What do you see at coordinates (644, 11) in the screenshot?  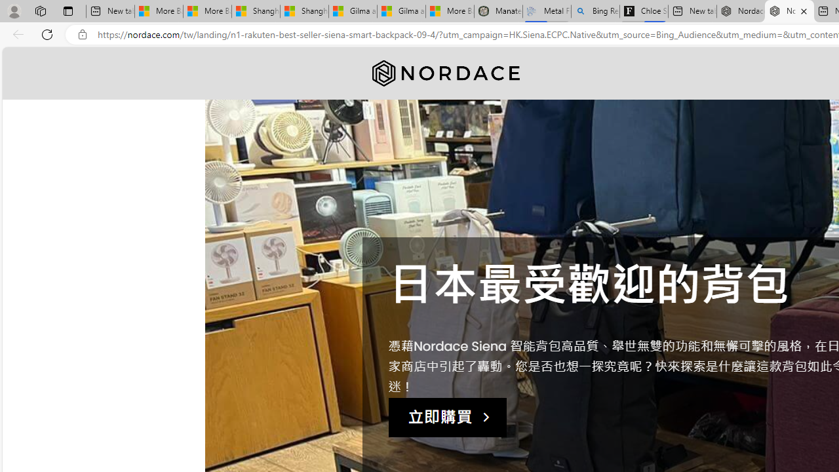 I see `'Chloe Sorvino'` at bounding box center [644, 11].